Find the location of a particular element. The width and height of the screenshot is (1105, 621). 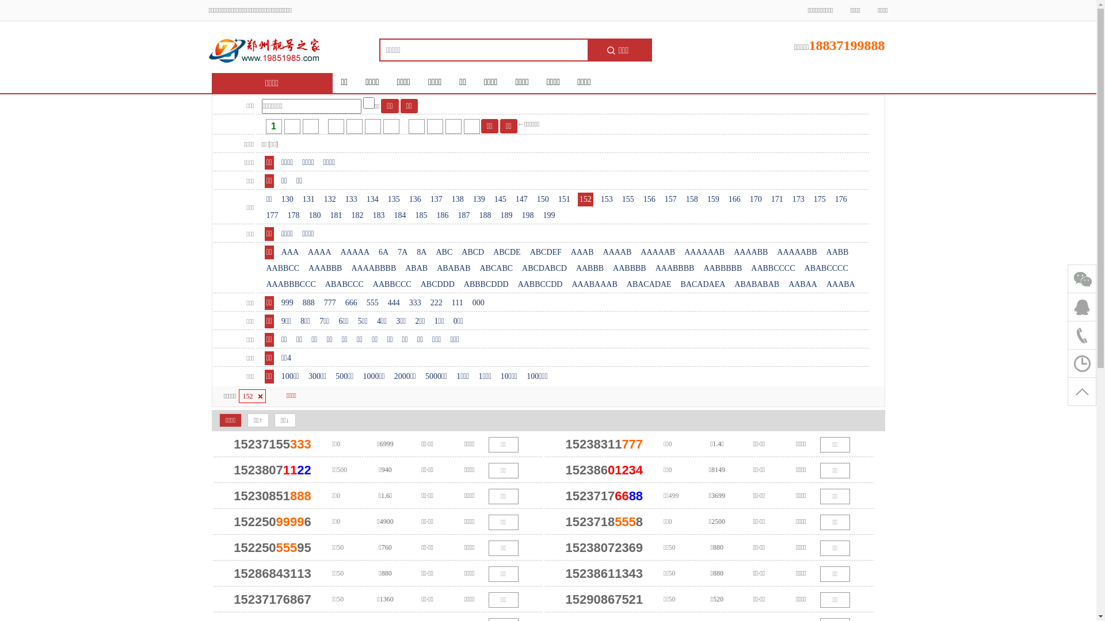

'171' is located at coordinates (777, 199).